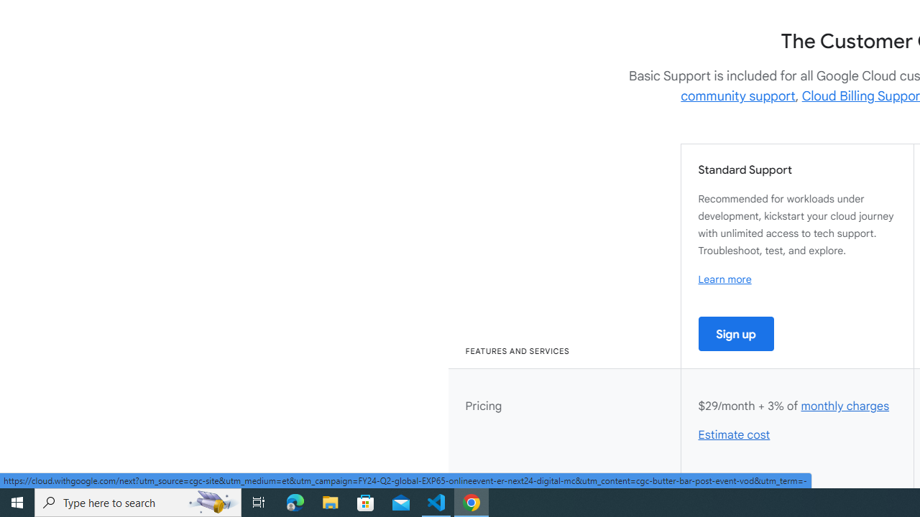  Describe the element at coordinates (735, 434) in the screenshot. I see `'Estimate cost'` at that location.